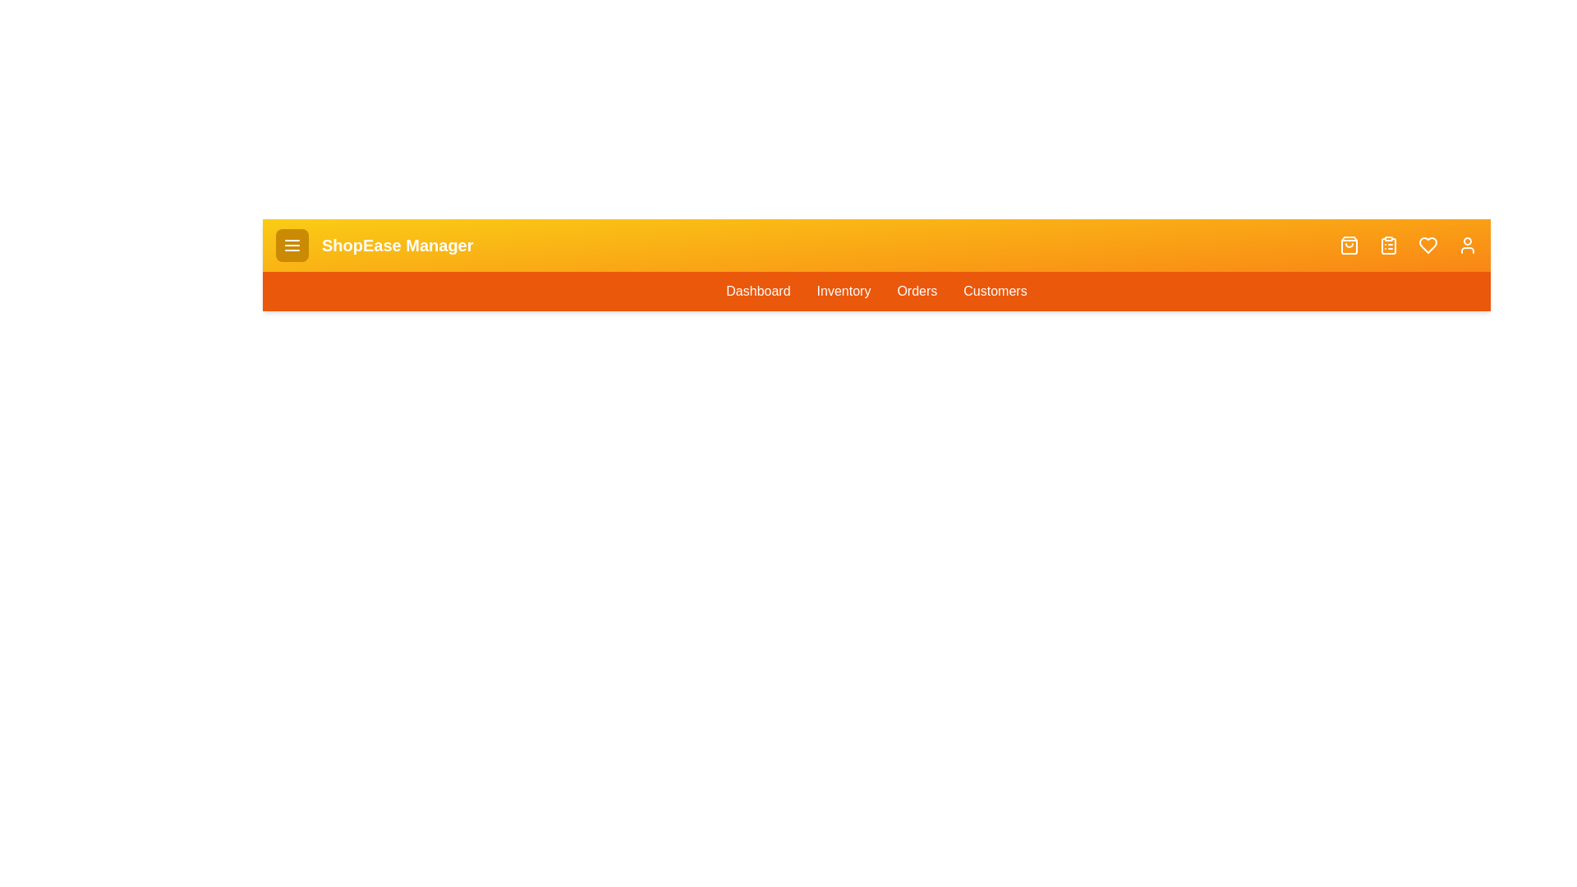 The width and height of the screenshot is (1577, 887). What do you see at coordinates (292, 246) in the screenshot?
I see `the menu_button to observe its hover effect` at bounding box center [292, 246].